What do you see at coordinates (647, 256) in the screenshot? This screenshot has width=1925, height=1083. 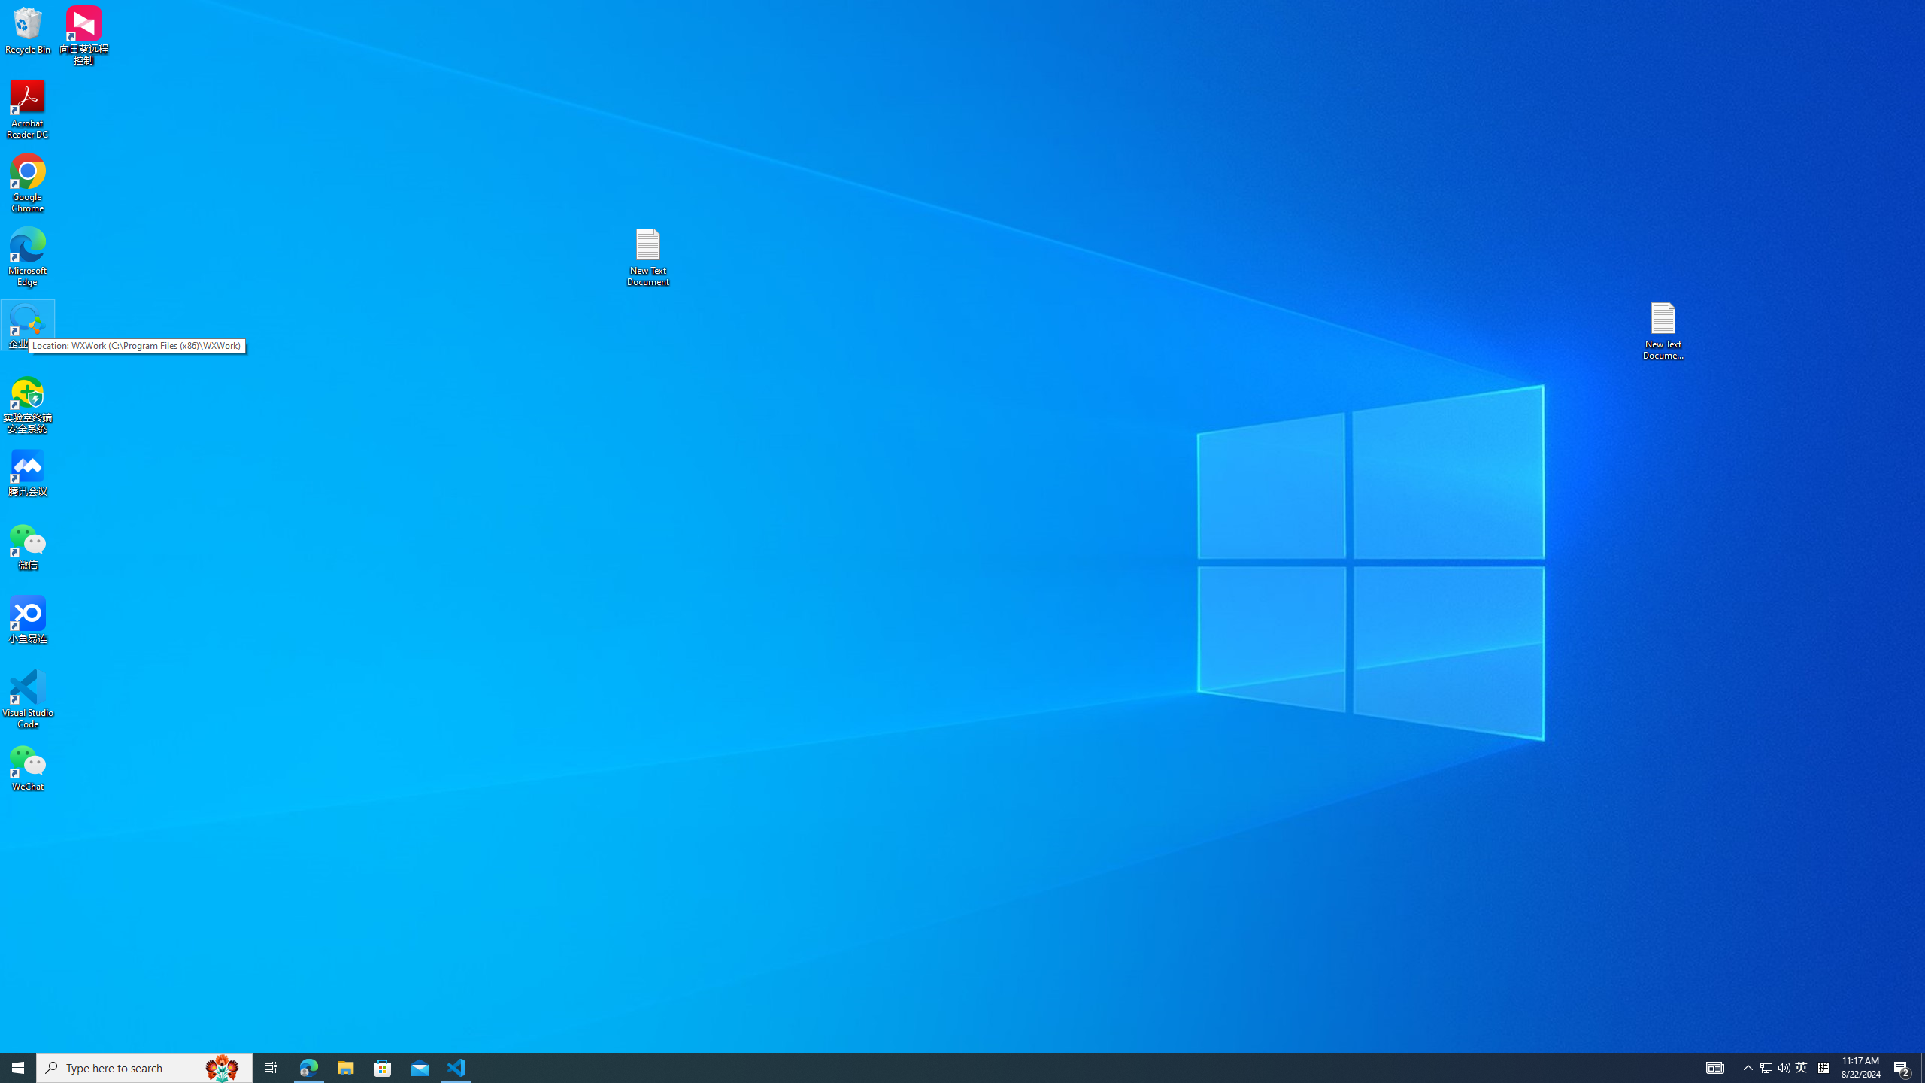 I see `'New Text Document'` at bounding box center [647, 256].